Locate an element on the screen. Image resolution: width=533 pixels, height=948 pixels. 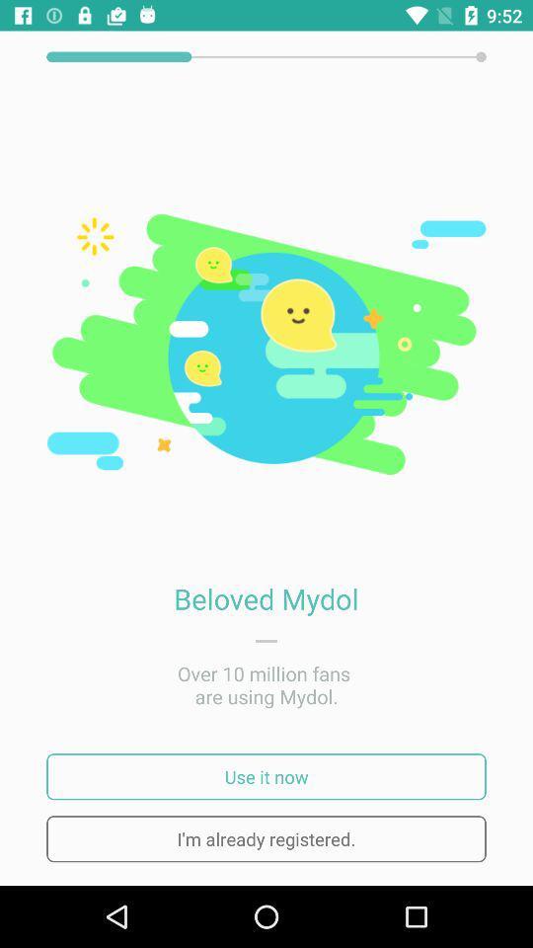
use it now icon is located at coordinates (266, 776).